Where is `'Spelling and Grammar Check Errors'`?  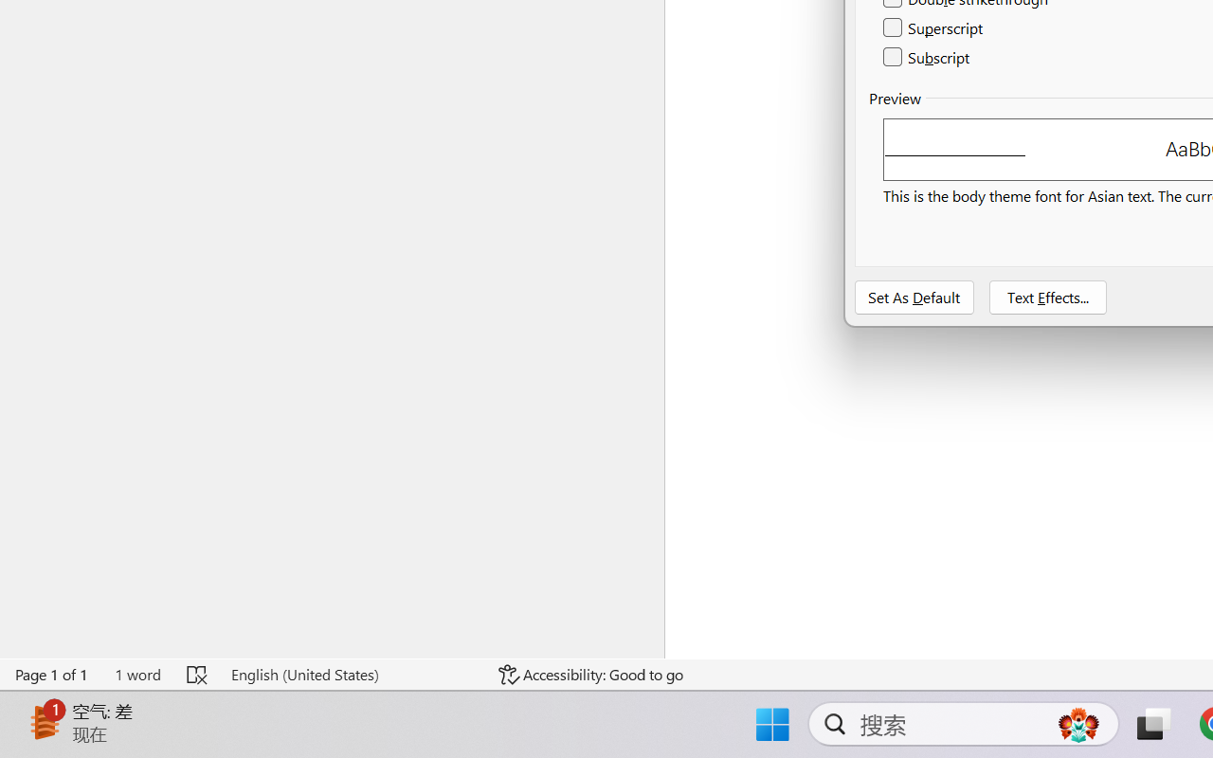
'Spelling and Grammar Check Errors' is located at coordinates (198, 674).